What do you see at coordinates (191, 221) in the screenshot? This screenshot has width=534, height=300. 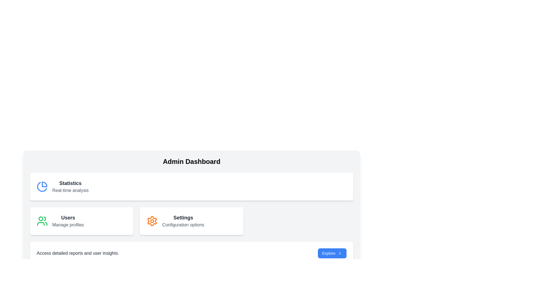 I see `the 'Settings' Text and Icon Display Component, which features an orange gear icon and displays 'Settings' and 'Configuration options' text` at bounding box center [191, 221].